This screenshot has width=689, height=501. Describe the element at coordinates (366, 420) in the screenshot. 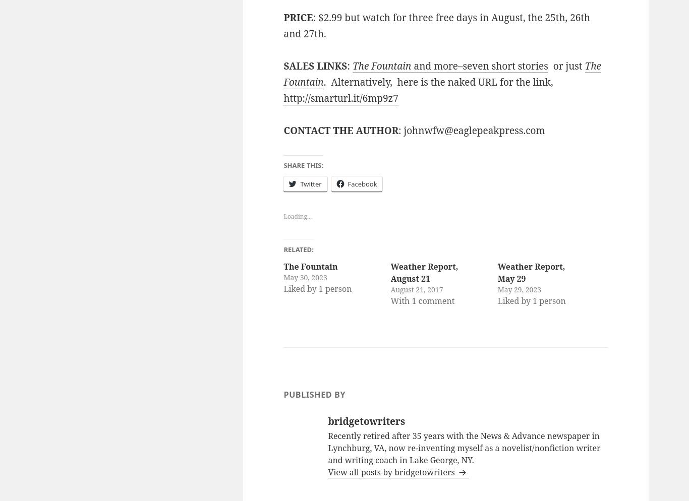

I see `'bridgetowriters'` at that location.